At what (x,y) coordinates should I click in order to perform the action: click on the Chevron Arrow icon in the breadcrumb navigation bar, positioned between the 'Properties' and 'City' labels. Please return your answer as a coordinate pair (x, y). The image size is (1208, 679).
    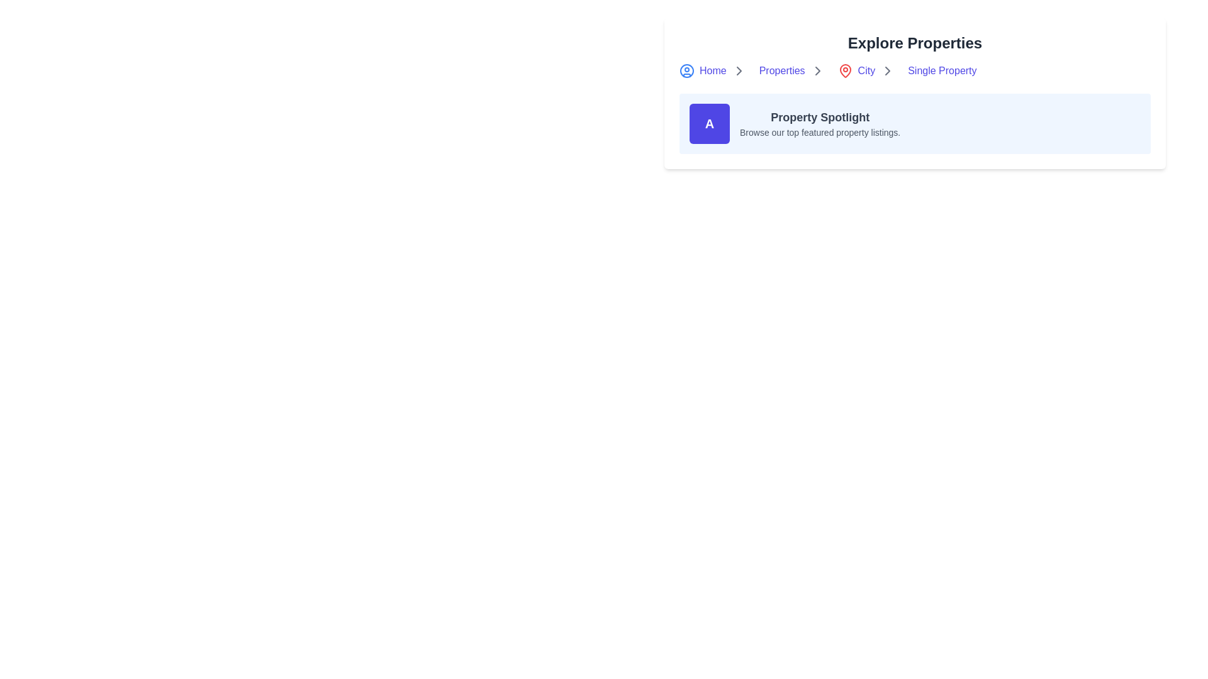
    Looking at the image, I should click on (817, 70).